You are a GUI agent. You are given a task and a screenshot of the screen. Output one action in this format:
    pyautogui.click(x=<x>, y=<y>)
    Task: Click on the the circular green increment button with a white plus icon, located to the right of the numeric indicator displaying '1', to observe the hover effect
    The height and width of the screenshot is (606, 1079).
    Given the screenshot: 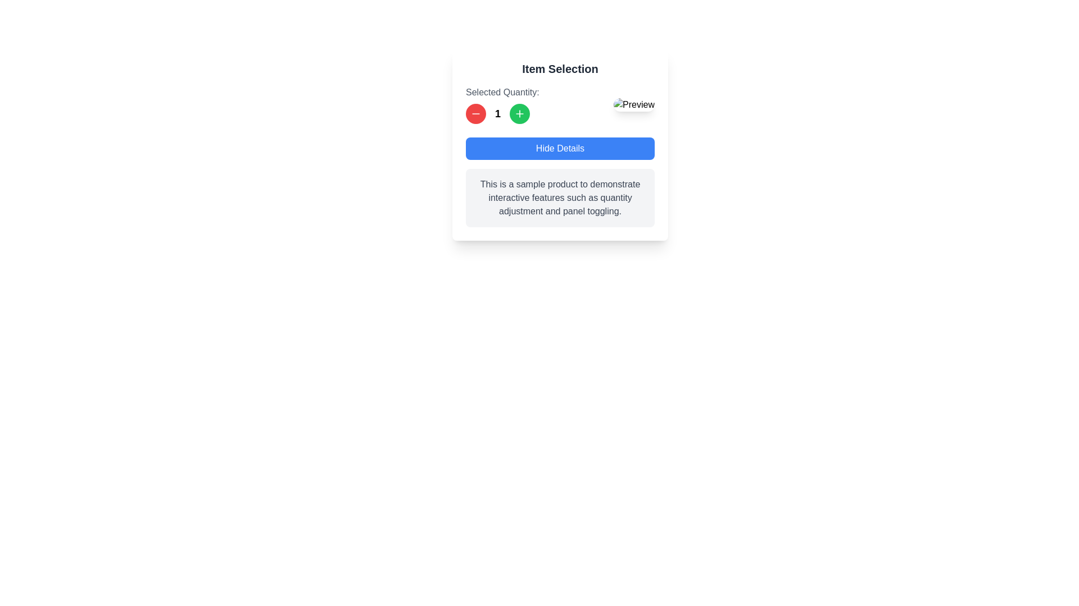 What is the action you would take?
    pyautogui.click(x=519, y=114)
    